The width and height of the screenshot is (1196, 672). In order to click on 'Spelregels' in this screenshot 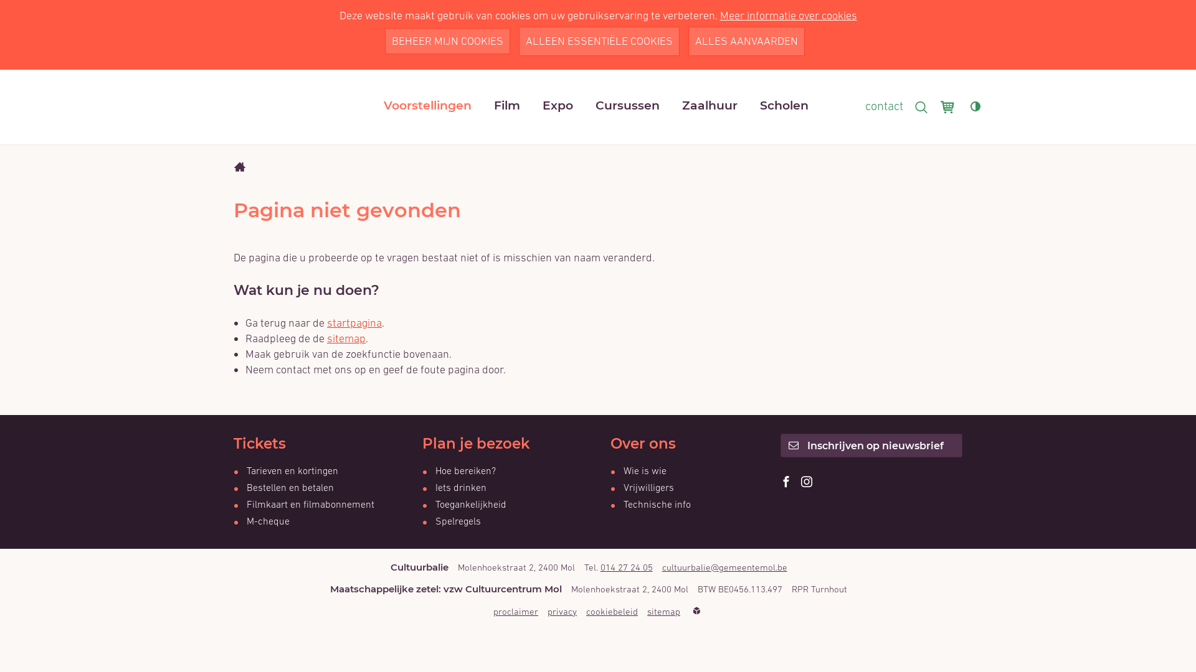, I will do `click(450, 521)`.